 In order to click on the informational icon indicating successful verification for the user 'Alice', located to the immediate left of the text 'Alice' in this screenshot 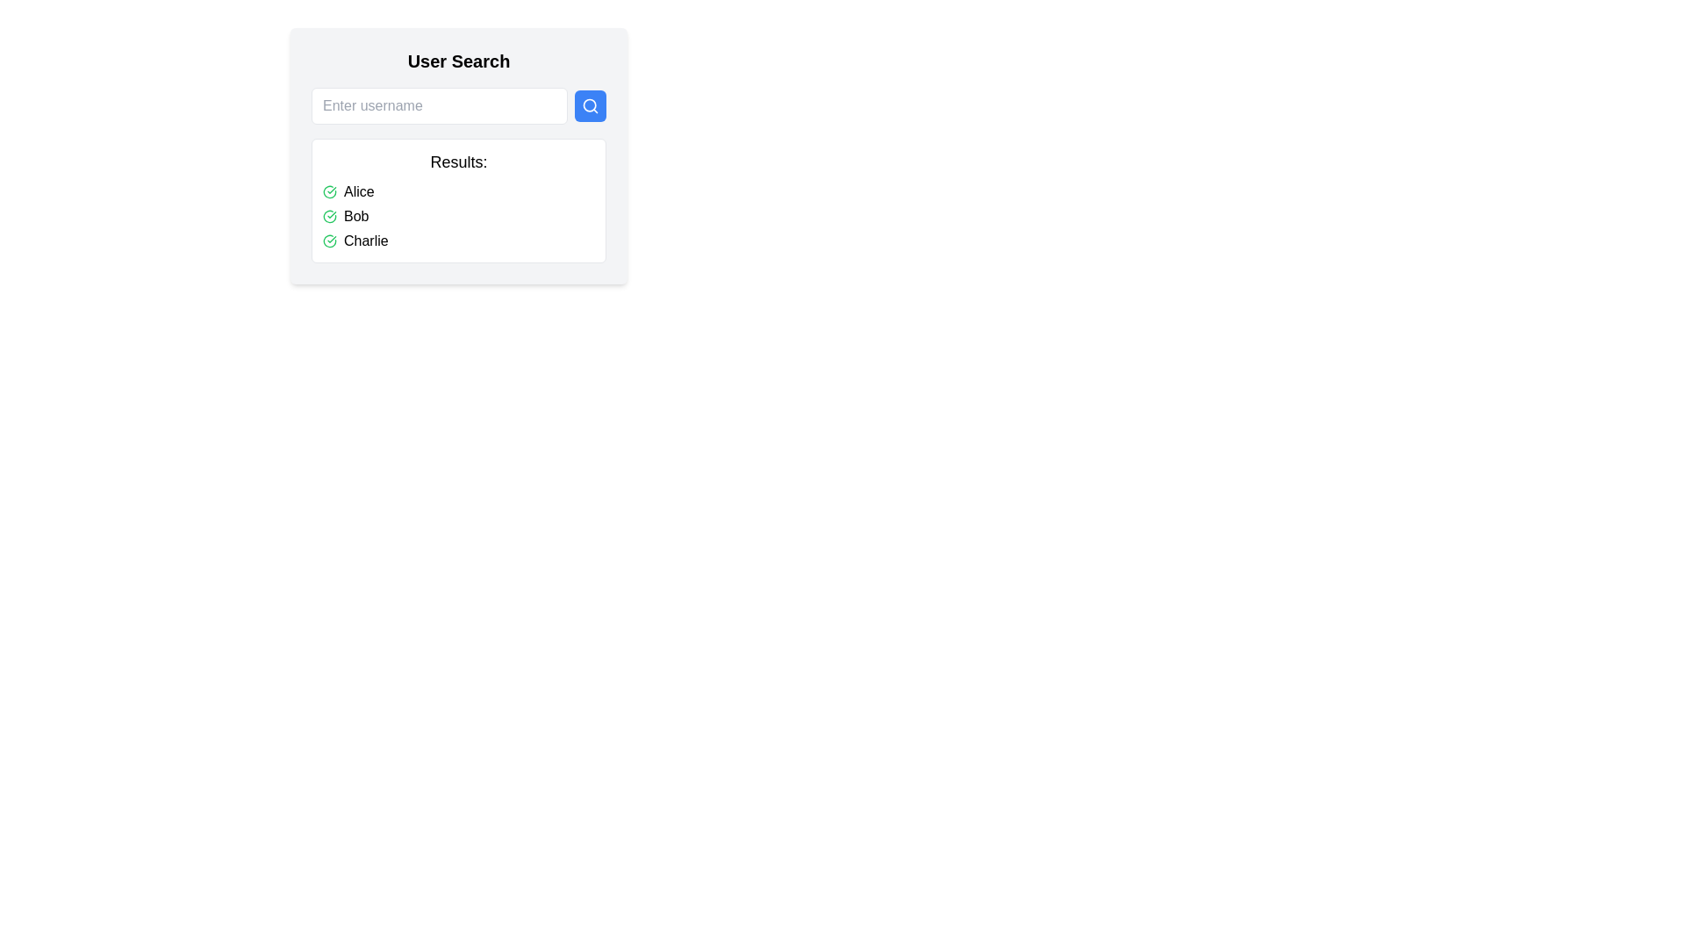, I will do `click(329, 192)`.